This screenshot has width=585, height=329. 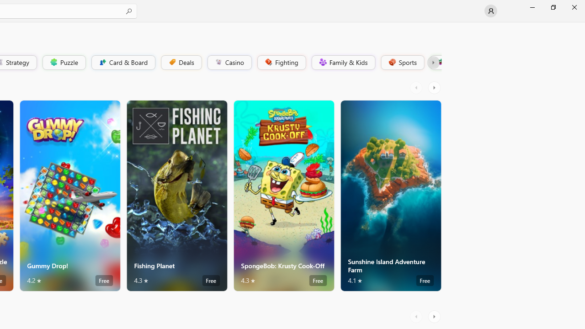 What do you see at coordinates (417, 316) in the screenshot?
I see `'AutomationID: LeftScrollButton'` at bounding box center [417, 316].